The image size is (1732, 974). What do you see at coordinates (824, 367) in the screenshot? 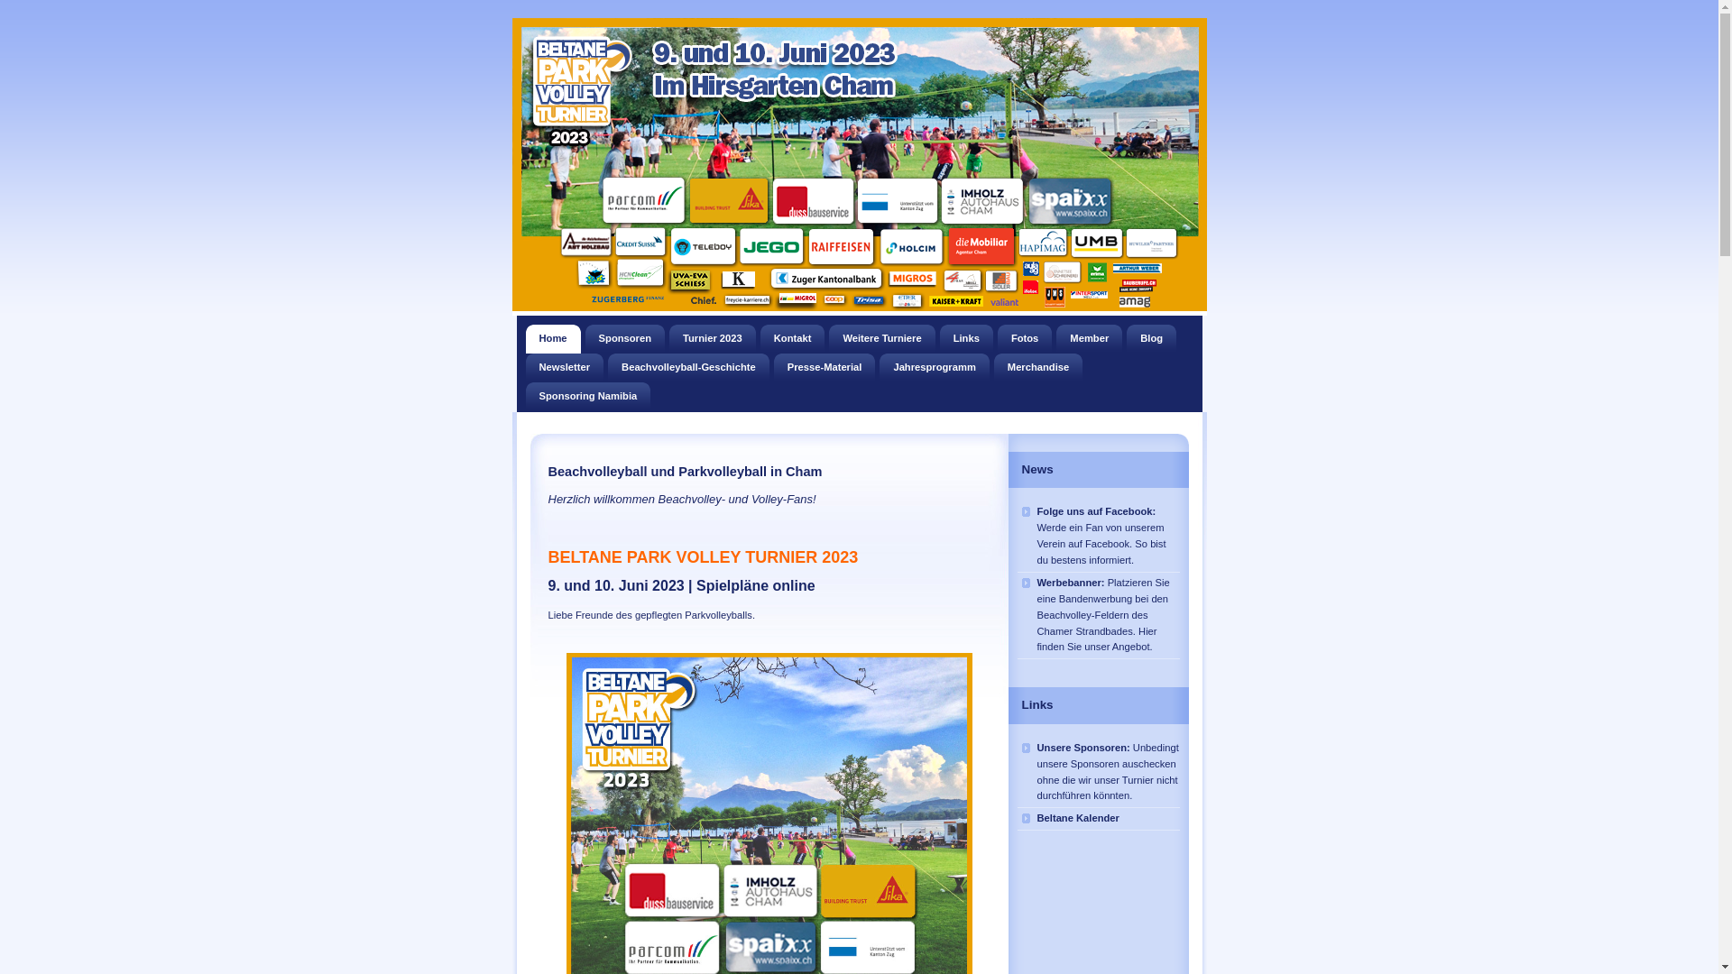
I see `'Presse-Material` at bounding box center [824, 367].